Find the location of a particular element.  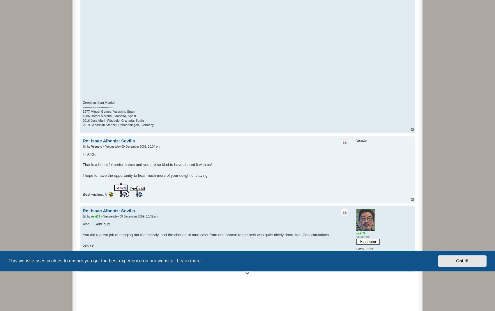

'Wednesday 09 December 2009, 20:32 pm' is located at coordinates (130, 216).